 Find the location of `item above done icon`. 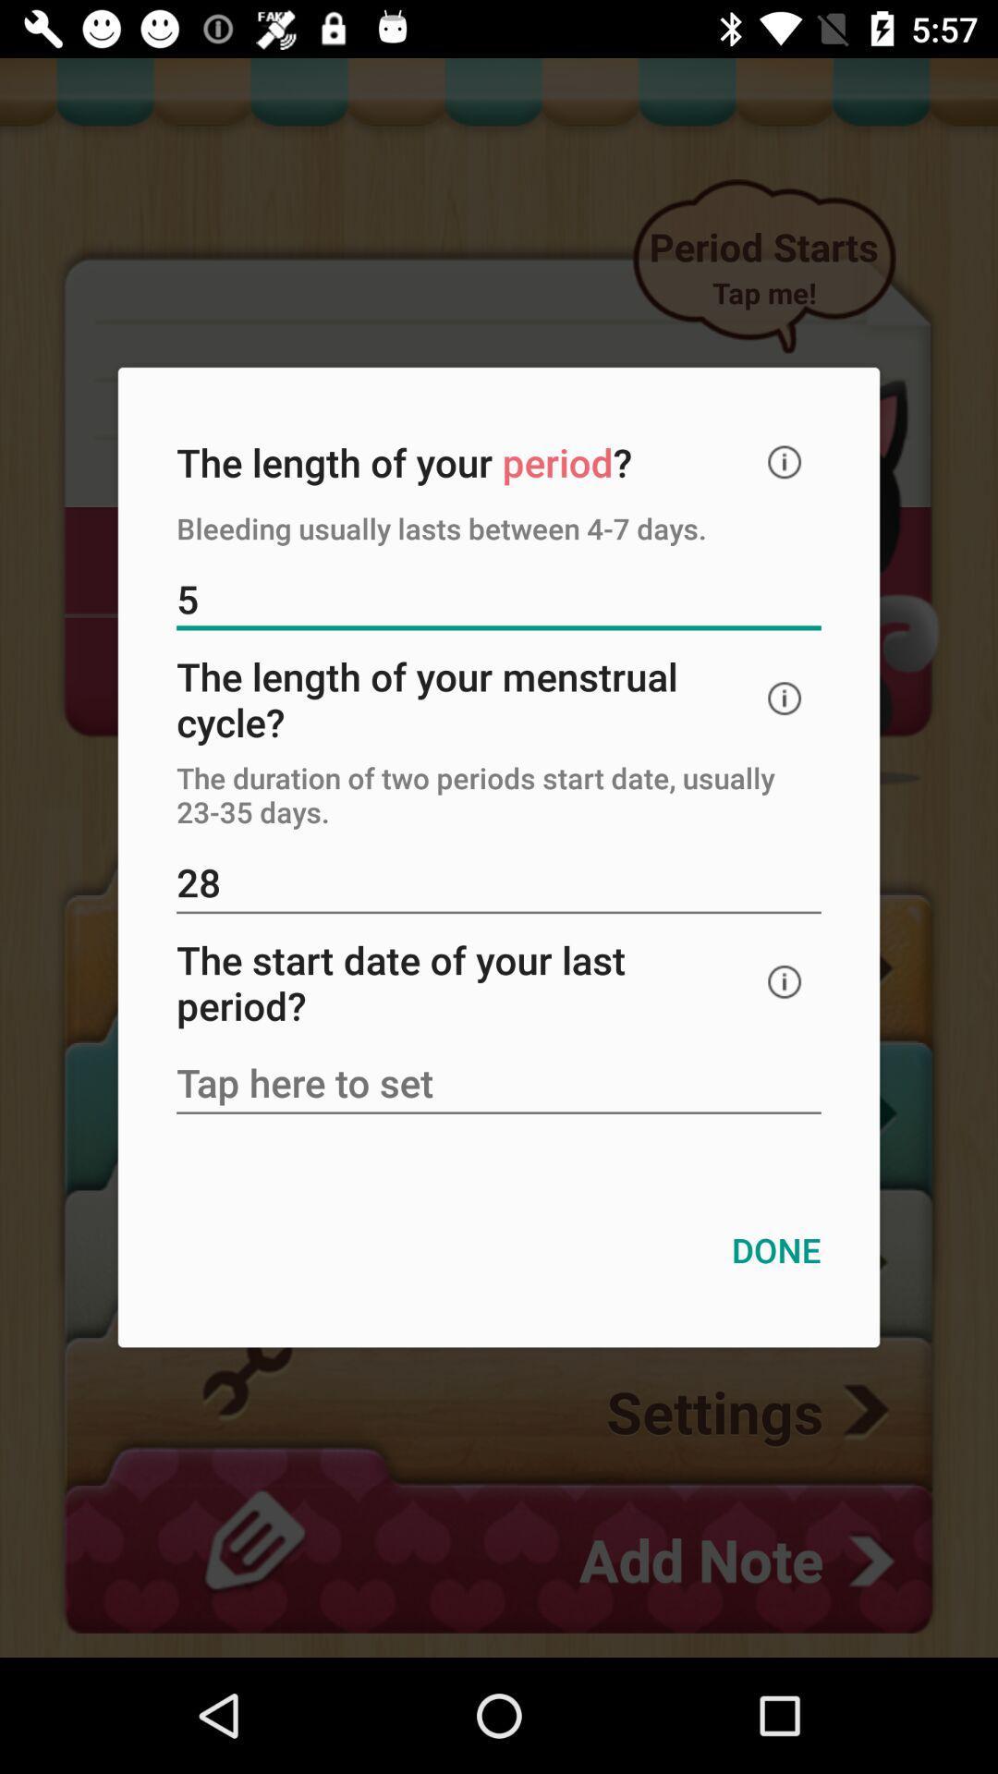

item above done icon is located at coordinates (499, 1085).